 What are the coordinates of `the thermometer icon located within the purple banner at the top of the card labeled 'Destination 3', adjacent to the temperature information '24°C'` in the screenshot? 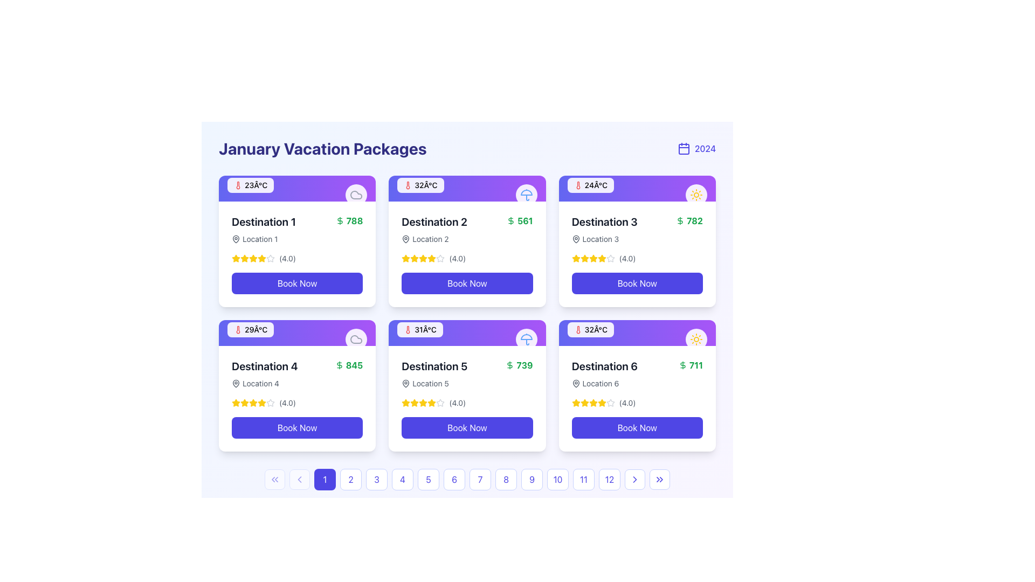 It's located at (577, 184).